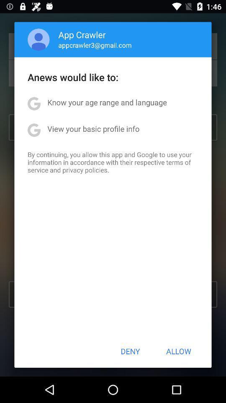  What do you see at coordinates (95, 45) in the screenshot?
I see `the icon below app crawler item` at bounding box center [95, 45].